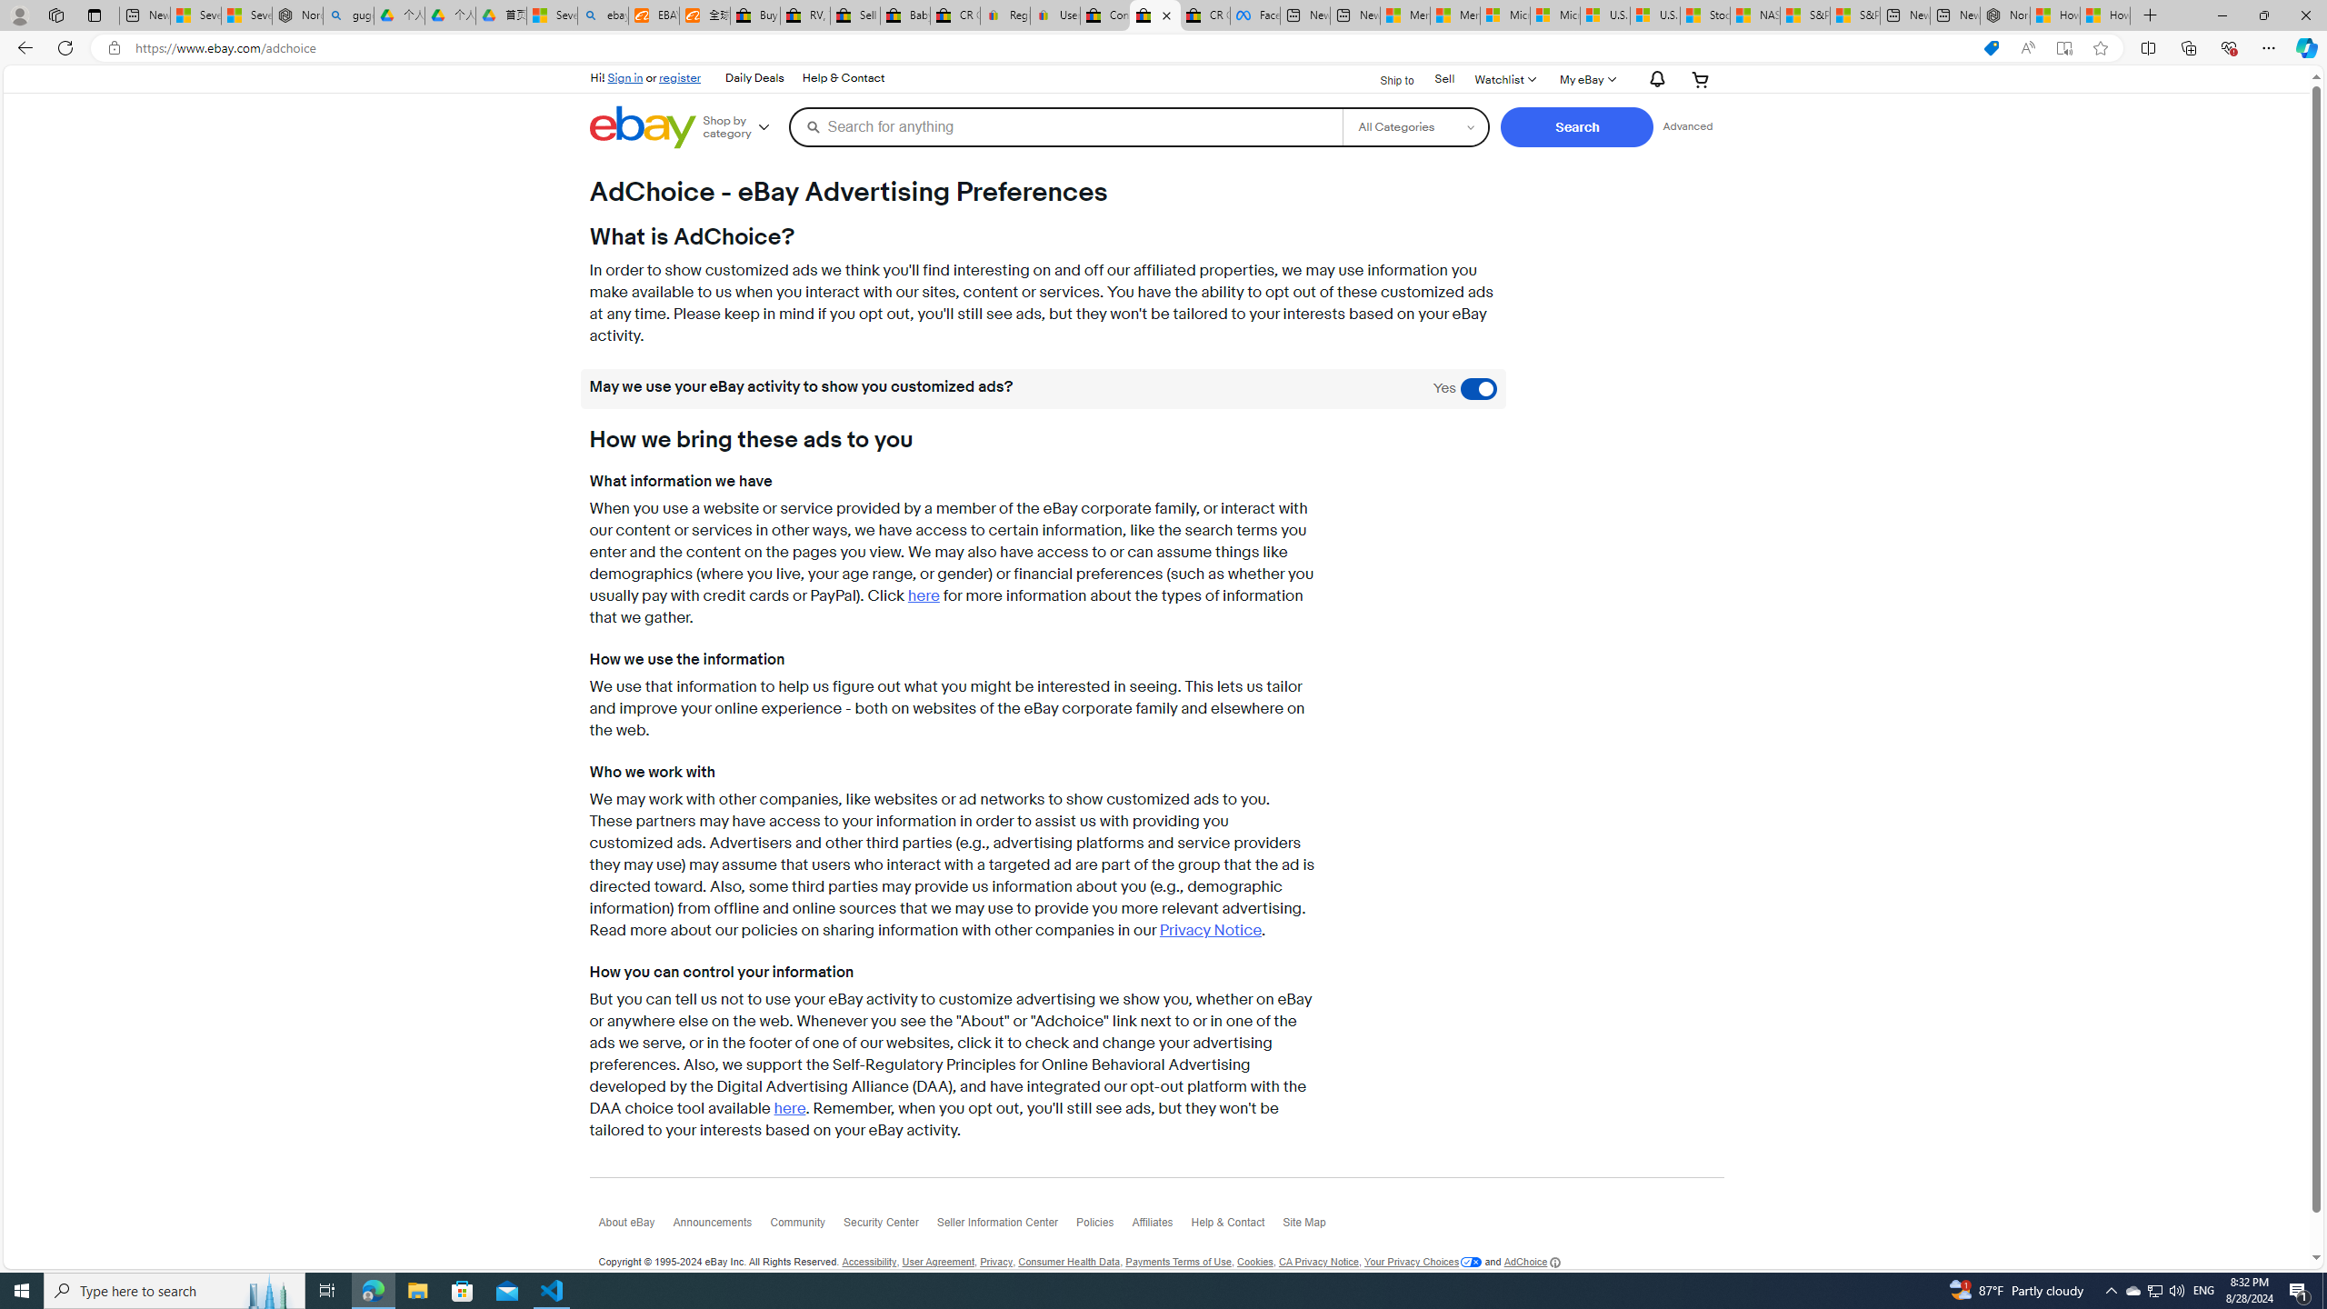 The image size is (2327, 1309). I want to click on 'Announcements', so click(720, 1225).